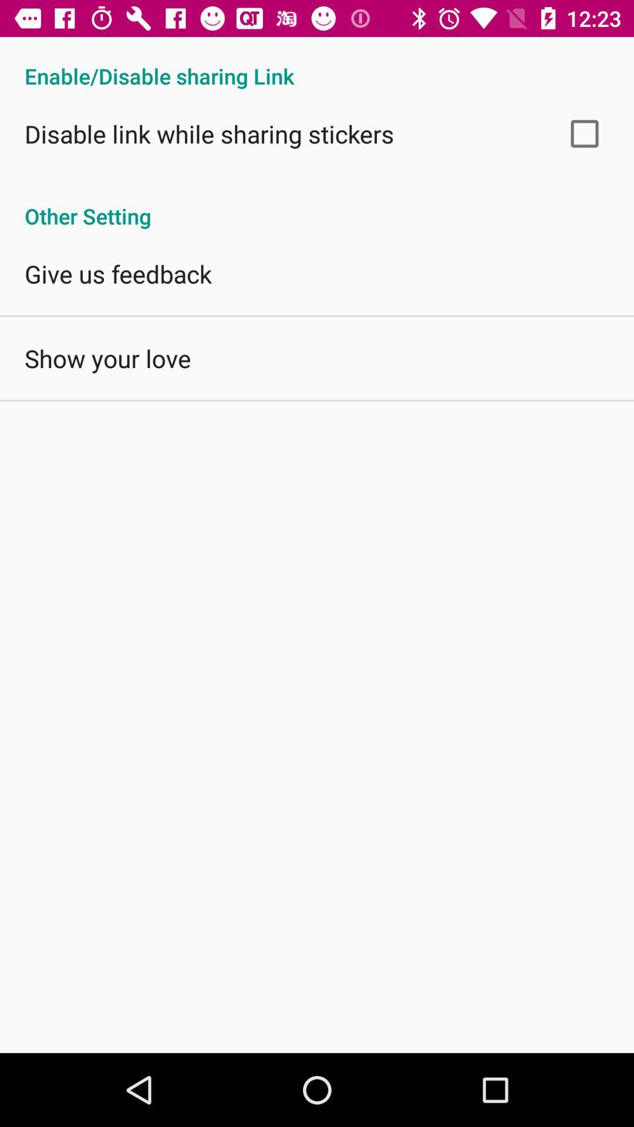 The image size is (634, 1127). I want to click on other setting app, so click(317, 204).